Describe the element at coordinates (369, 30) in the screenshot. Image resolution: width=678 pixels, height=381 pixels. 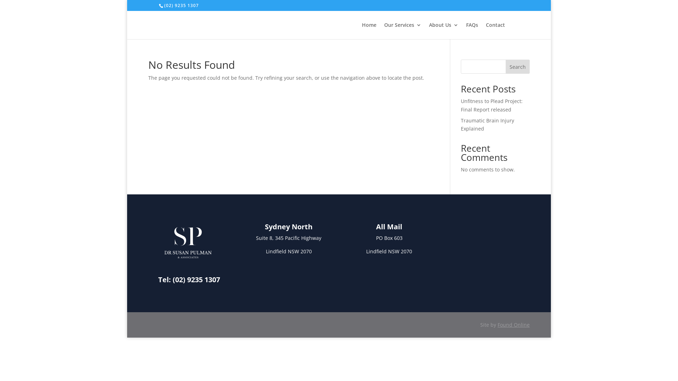
I see `'Home'` at that location.